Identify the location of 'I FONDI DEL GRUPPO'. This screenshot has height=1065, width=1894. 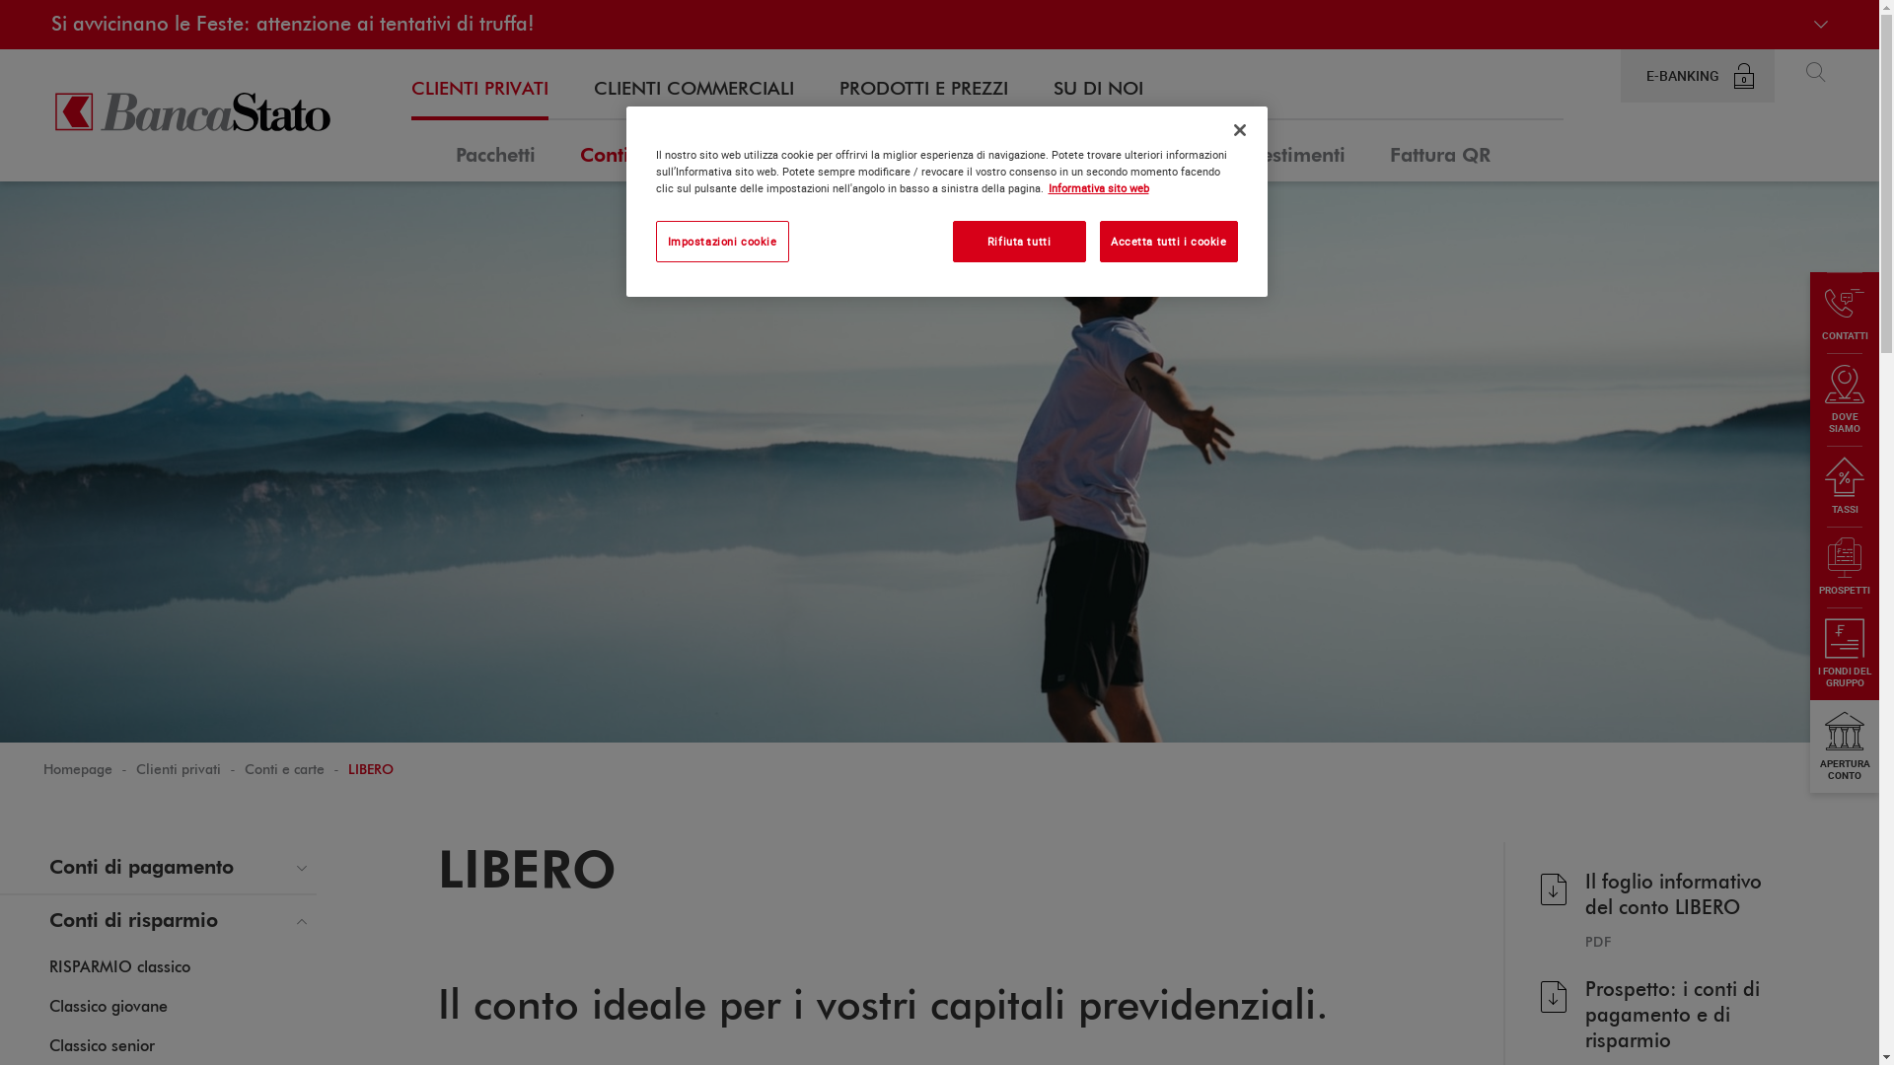
(1844, 654).